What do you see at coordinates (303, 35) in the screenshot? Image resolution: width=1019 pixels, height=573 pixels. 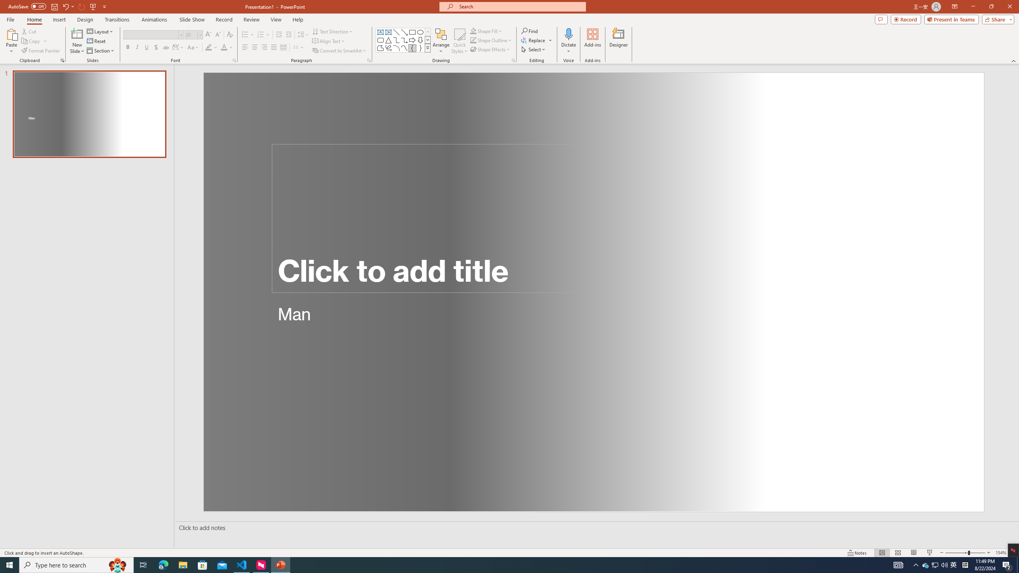 I see `'Line Spacing'` at bounding box center [303, 35].